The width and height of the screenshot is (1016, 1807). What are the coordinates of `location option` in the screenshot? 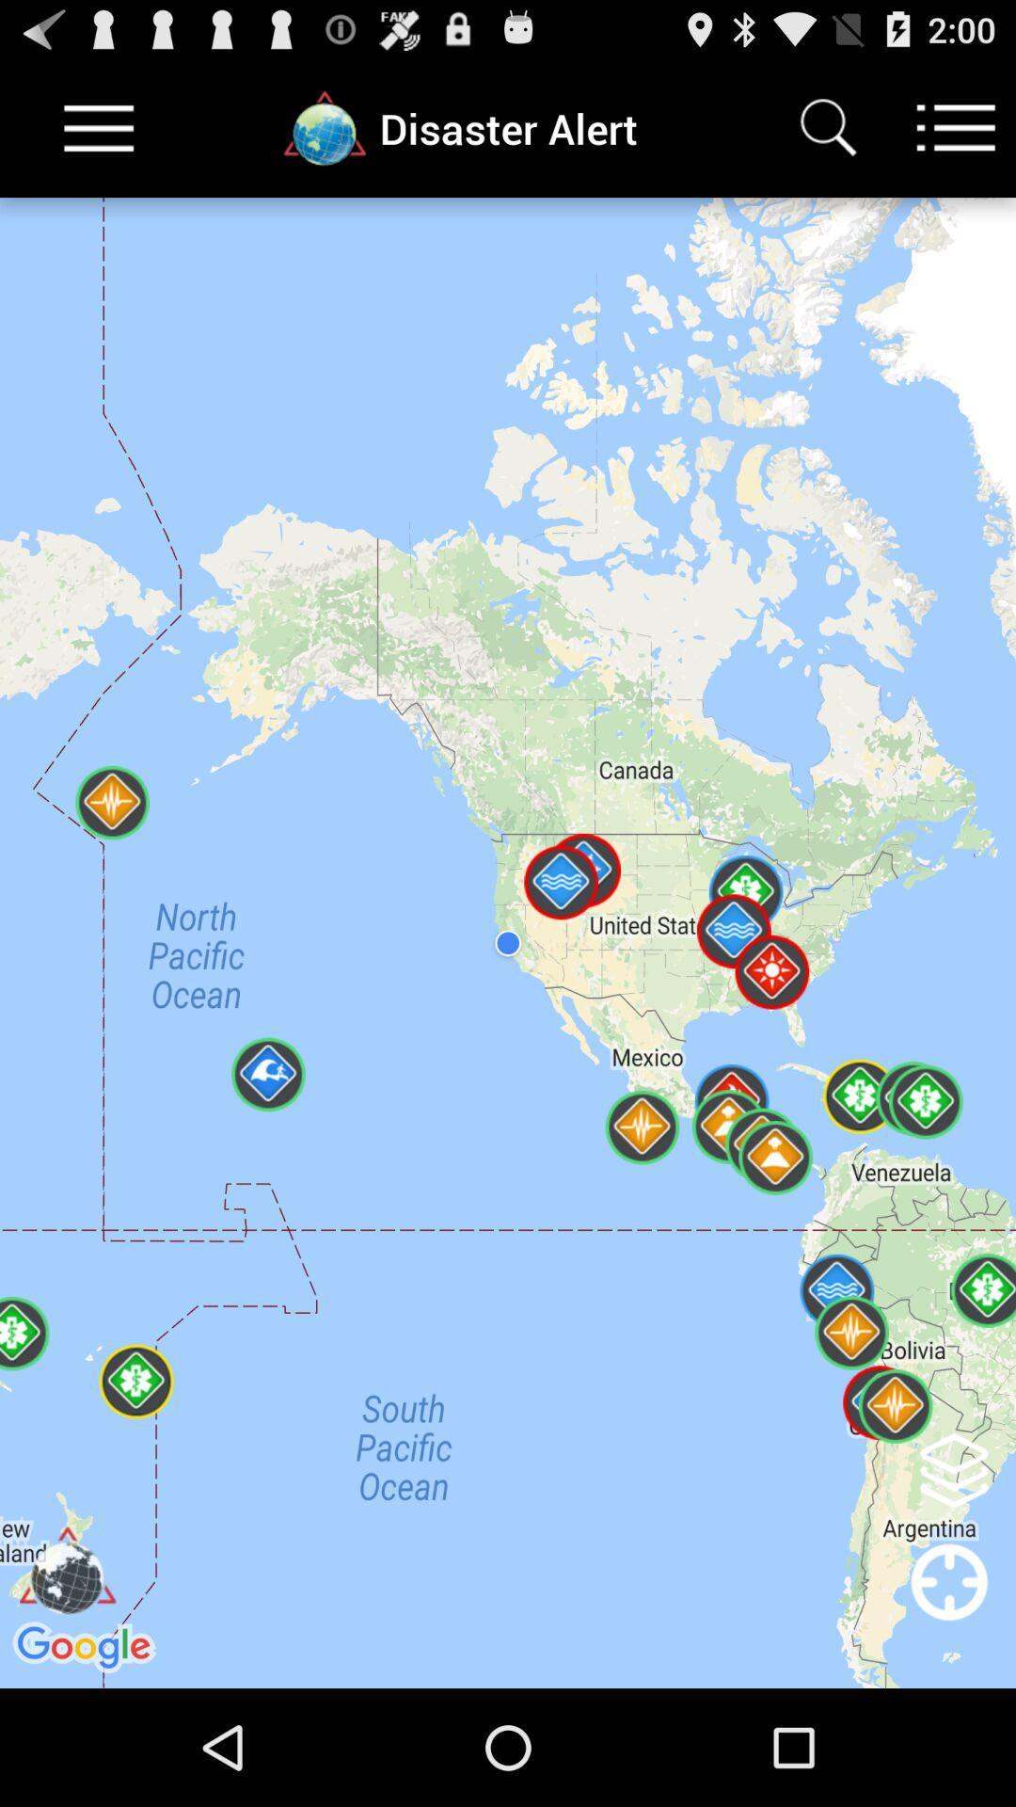 It's located at (949, 1606).